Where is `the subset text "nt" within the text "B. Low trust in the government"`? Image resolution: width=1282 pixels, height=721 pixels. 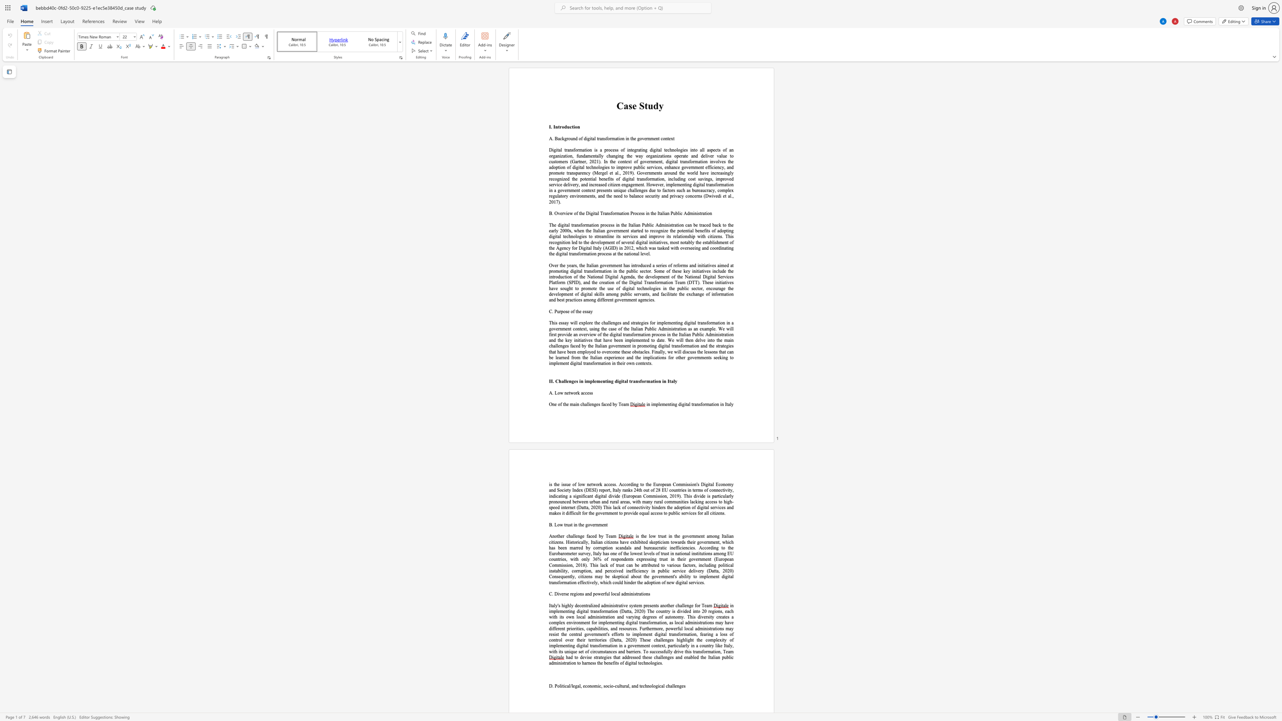 the subset text "nt" within the text "B. Low trust in the government" is located at coordinates (604, 524).